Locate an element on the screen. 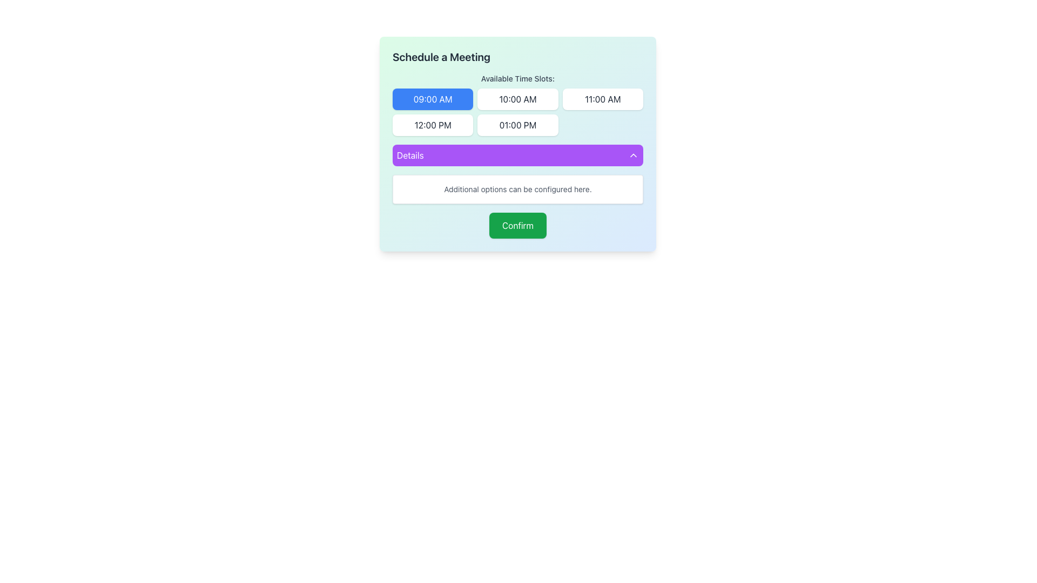 This screenshot has height=583, width=1037. the rectangular button with rounded corners labeled '01:00 PM' is located at coordinates (517, 124).